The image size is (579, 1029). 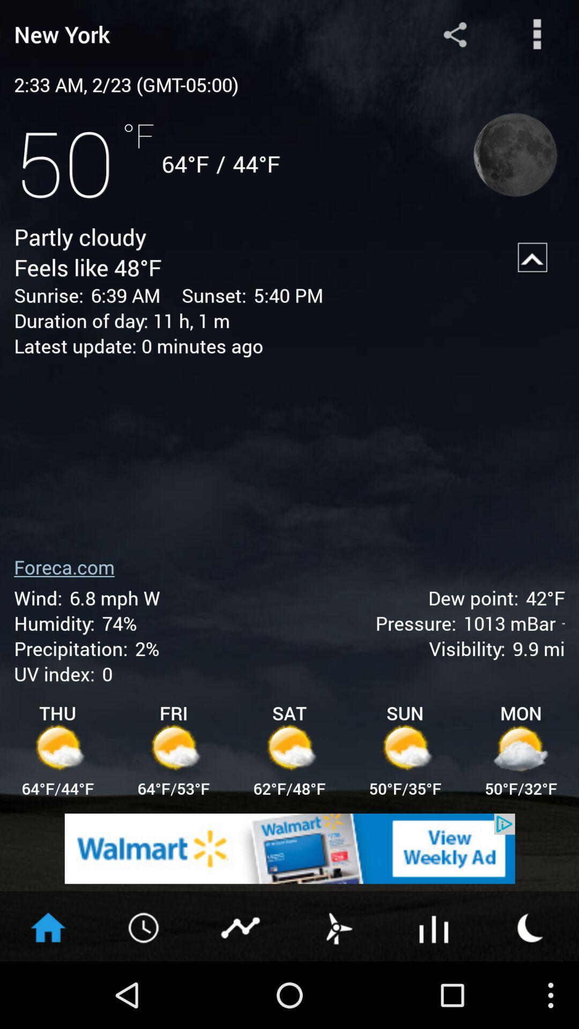 What do you see at coordinates (533, 275) in the screenshot?
I see `the arrow_upward icon` at bounding box center [533, 275].